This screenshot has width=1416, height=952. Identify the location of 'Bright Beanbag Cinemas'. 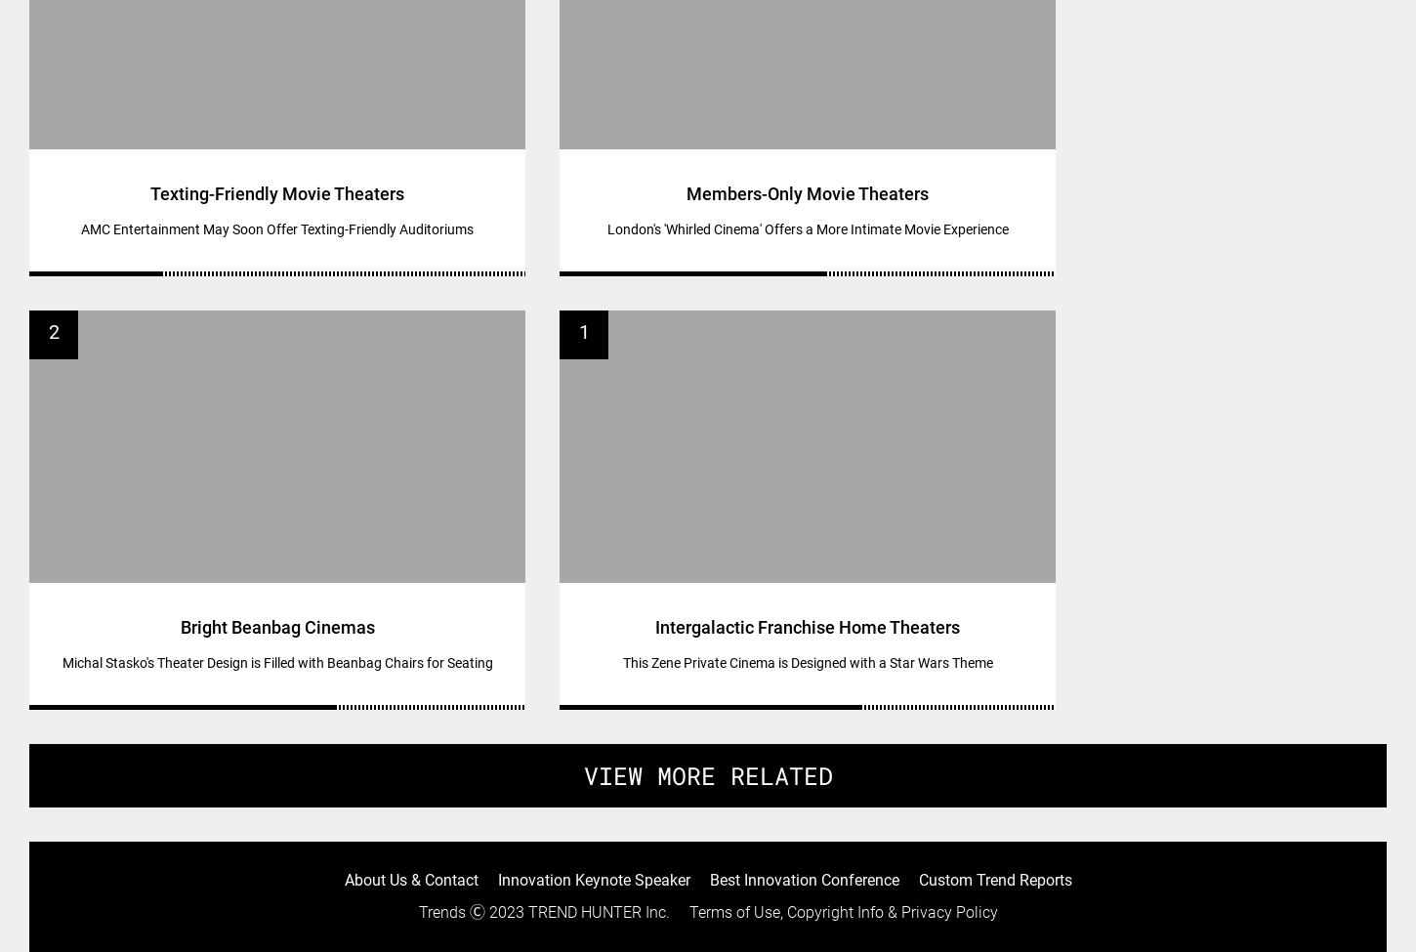
(276, 626).